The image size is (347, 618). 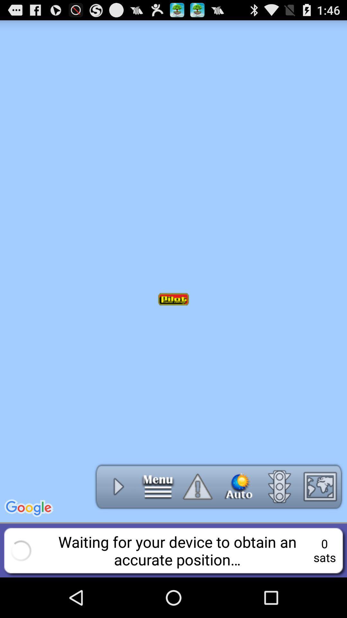 What do you see at coordinates (158, 521) in the screenshot?
I see `the menu icon` at bounding box center [158, 521].